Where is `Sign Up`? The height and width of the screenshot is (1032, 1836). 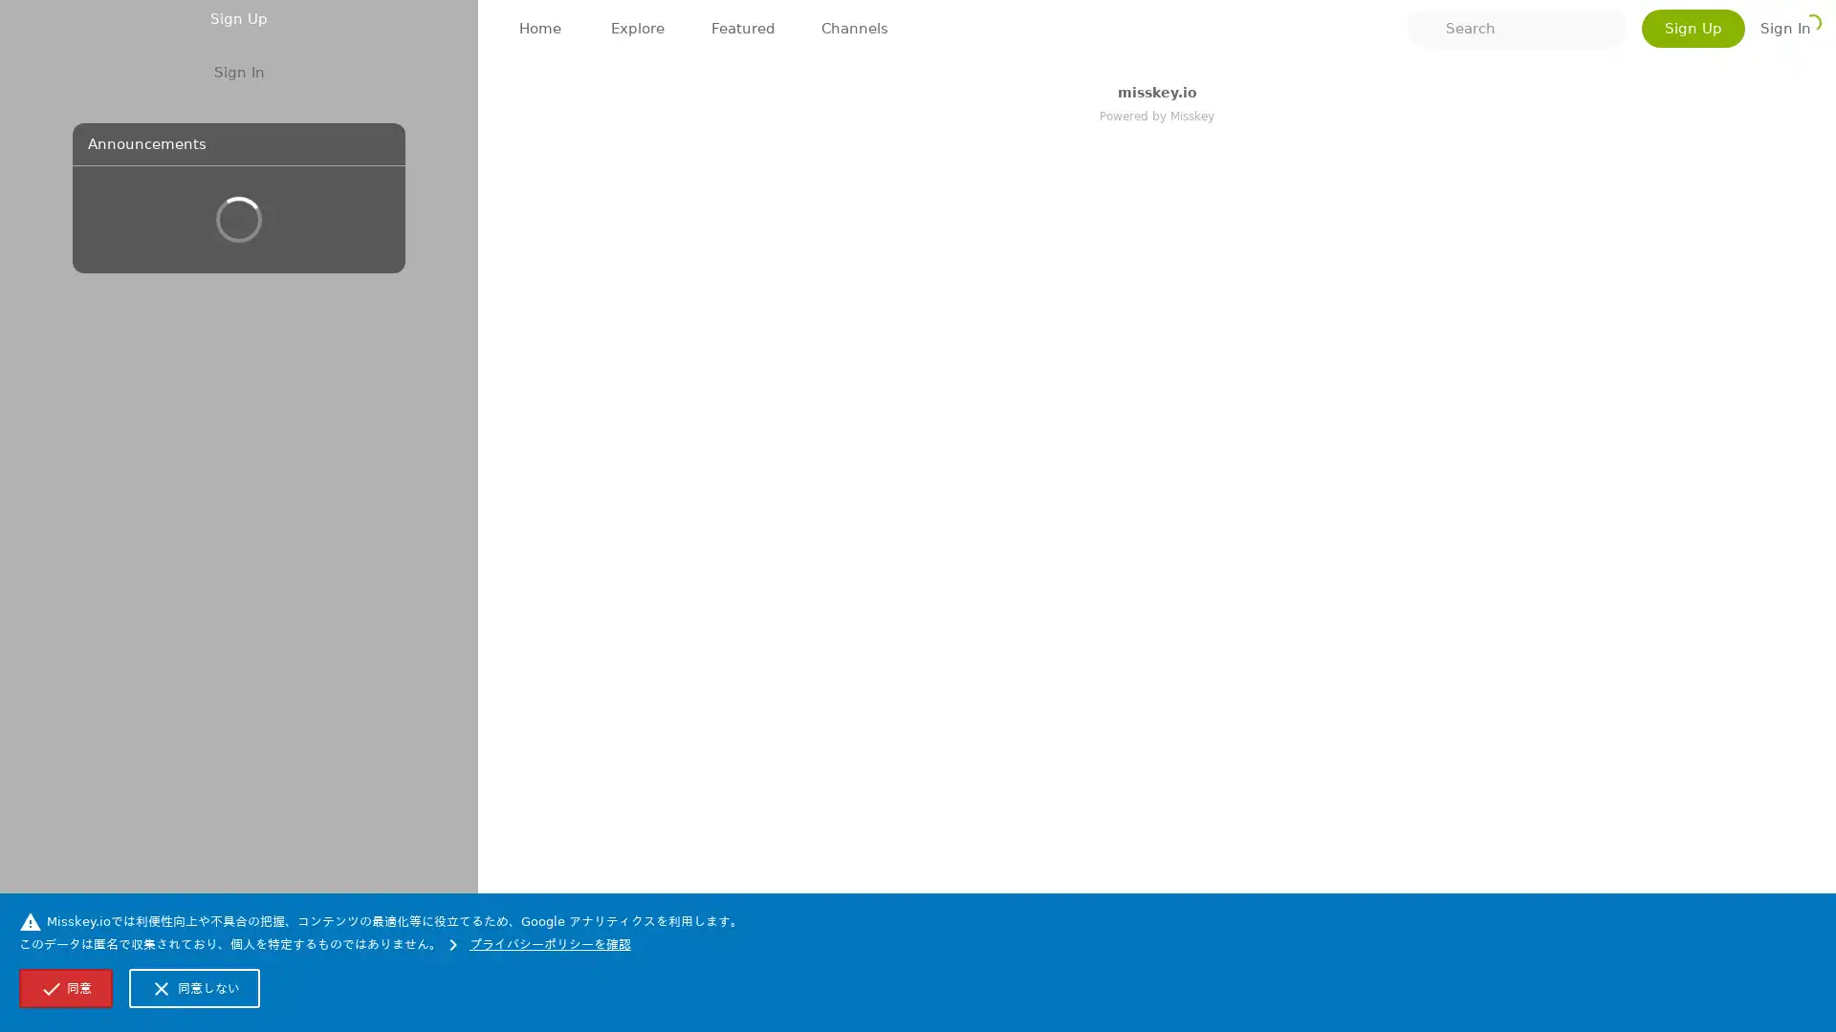 Sign Up is located at coordinates (1694, 29).